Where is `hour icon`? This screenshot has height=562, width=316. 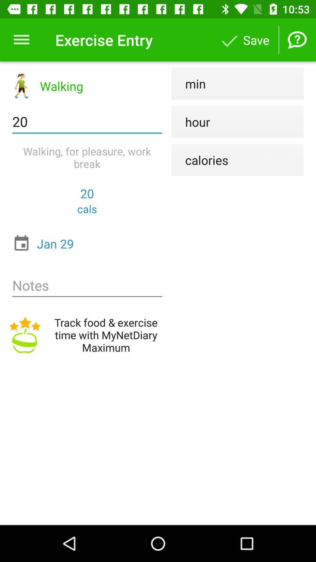 hour icon is located at coordinates (190, 121).